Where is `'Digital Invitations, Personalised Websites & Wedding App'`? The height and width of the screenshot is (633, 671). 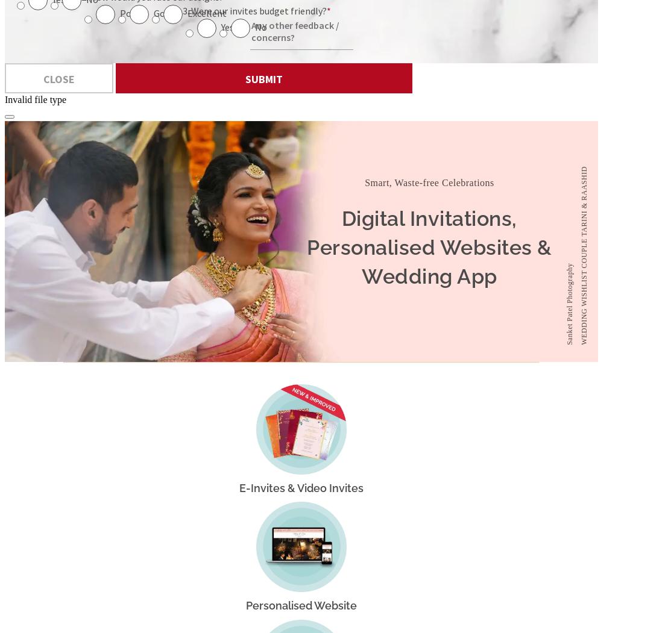
'Digital Invitations, Personalised Websites & Wedding App' is located at coordinates (429, 247).